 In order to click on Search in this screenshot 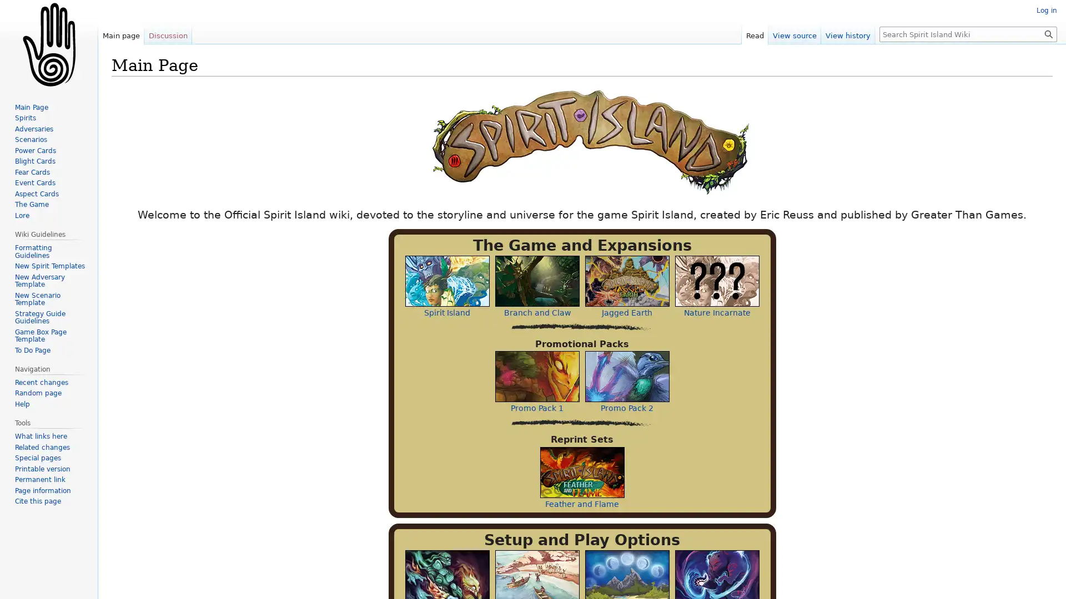, I will do `click(1048, 33)`.